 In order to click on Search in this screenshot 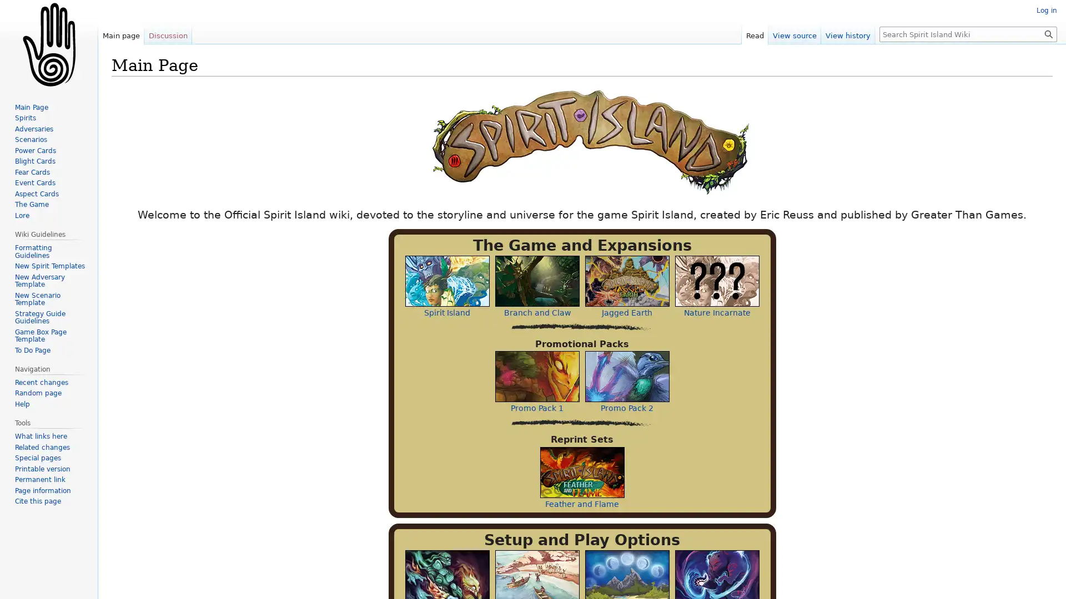, I will do `click(1048, 33)`.